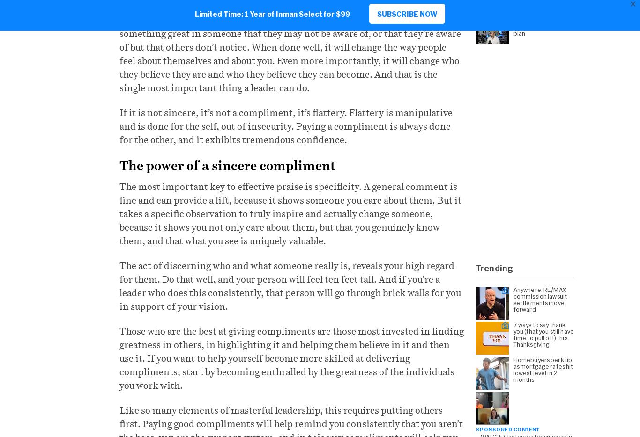 The height and width of the screenshot is (437, 640). I want to click on 'Those who are the best at giving compliments are those most invested in finding greatness in others, in highlighting it and helping them believe in it and then use it. If you want to help yourself become more skilled at delivering compliments, start by becoming enthralled by the greatness of the individuals you work with.', so click(291, 357).